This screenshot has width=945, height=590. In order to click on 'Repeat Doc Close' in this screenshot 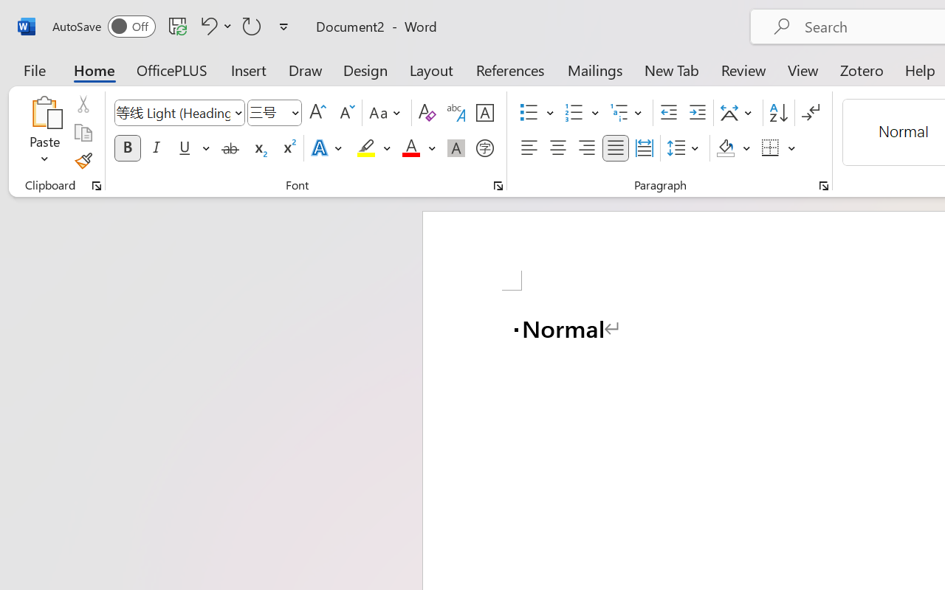, I will do `click(252, 25)`.